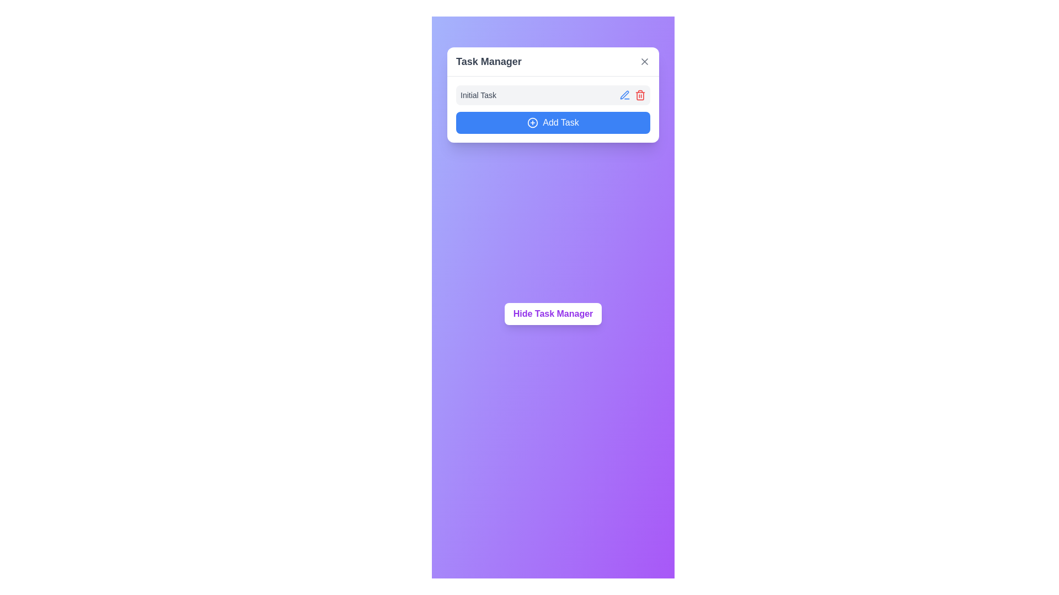  Describe the element at coordinates (645, 61) in the screenshot. I see `the close icon located at the top right corner of the Task Manager` at that location.